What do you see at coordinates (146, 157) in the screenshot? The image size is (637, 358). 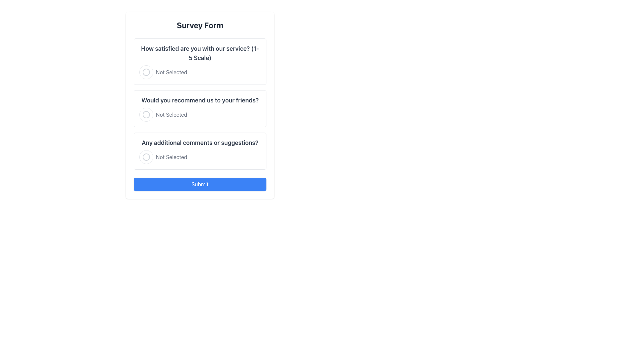 I see `the radio button located next to the label 'Not Selected' under the prompt 'Any additional comments or suggestions?'` at bounding box center [146, 157].